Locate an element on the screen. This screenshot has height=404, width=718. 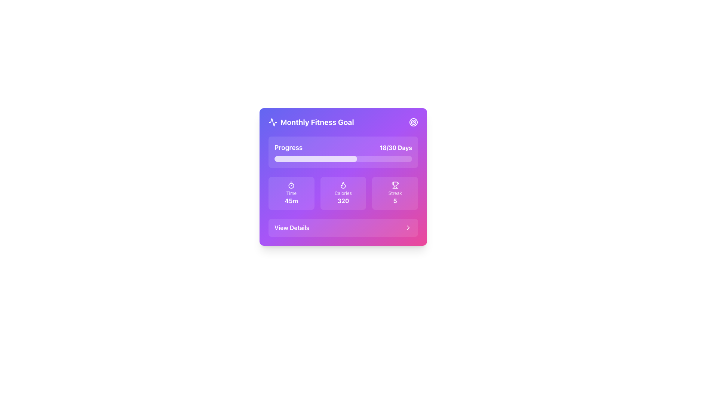
the fitness goal icon located in the upper-right corner of the 'Monthly Fitness Goal' card, which is the fifth element among its children is located at coordinates (413, 122).